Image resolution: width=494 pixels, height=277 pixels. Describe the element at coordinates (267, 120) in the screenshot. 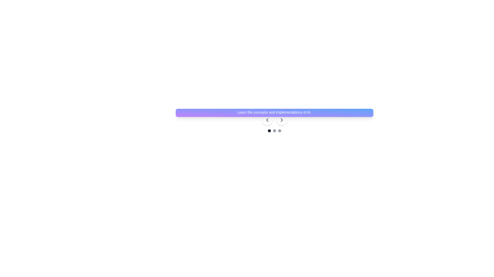

I see `the 'previous' navigation button located on the left side of the navigation control near the center of the UI layout` at that location.